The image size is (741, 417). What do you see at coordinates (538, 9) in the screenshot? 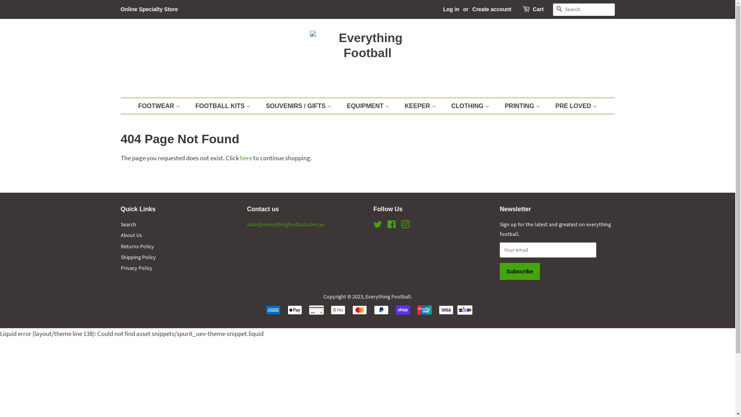
I see `'Cart'` at bounding box center [538, 9].